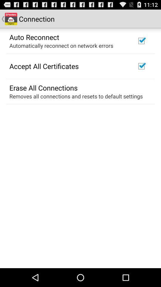  Describe the element at coordinates (44, 66) in the screenshot. I see `accept all certificates item` at that location.